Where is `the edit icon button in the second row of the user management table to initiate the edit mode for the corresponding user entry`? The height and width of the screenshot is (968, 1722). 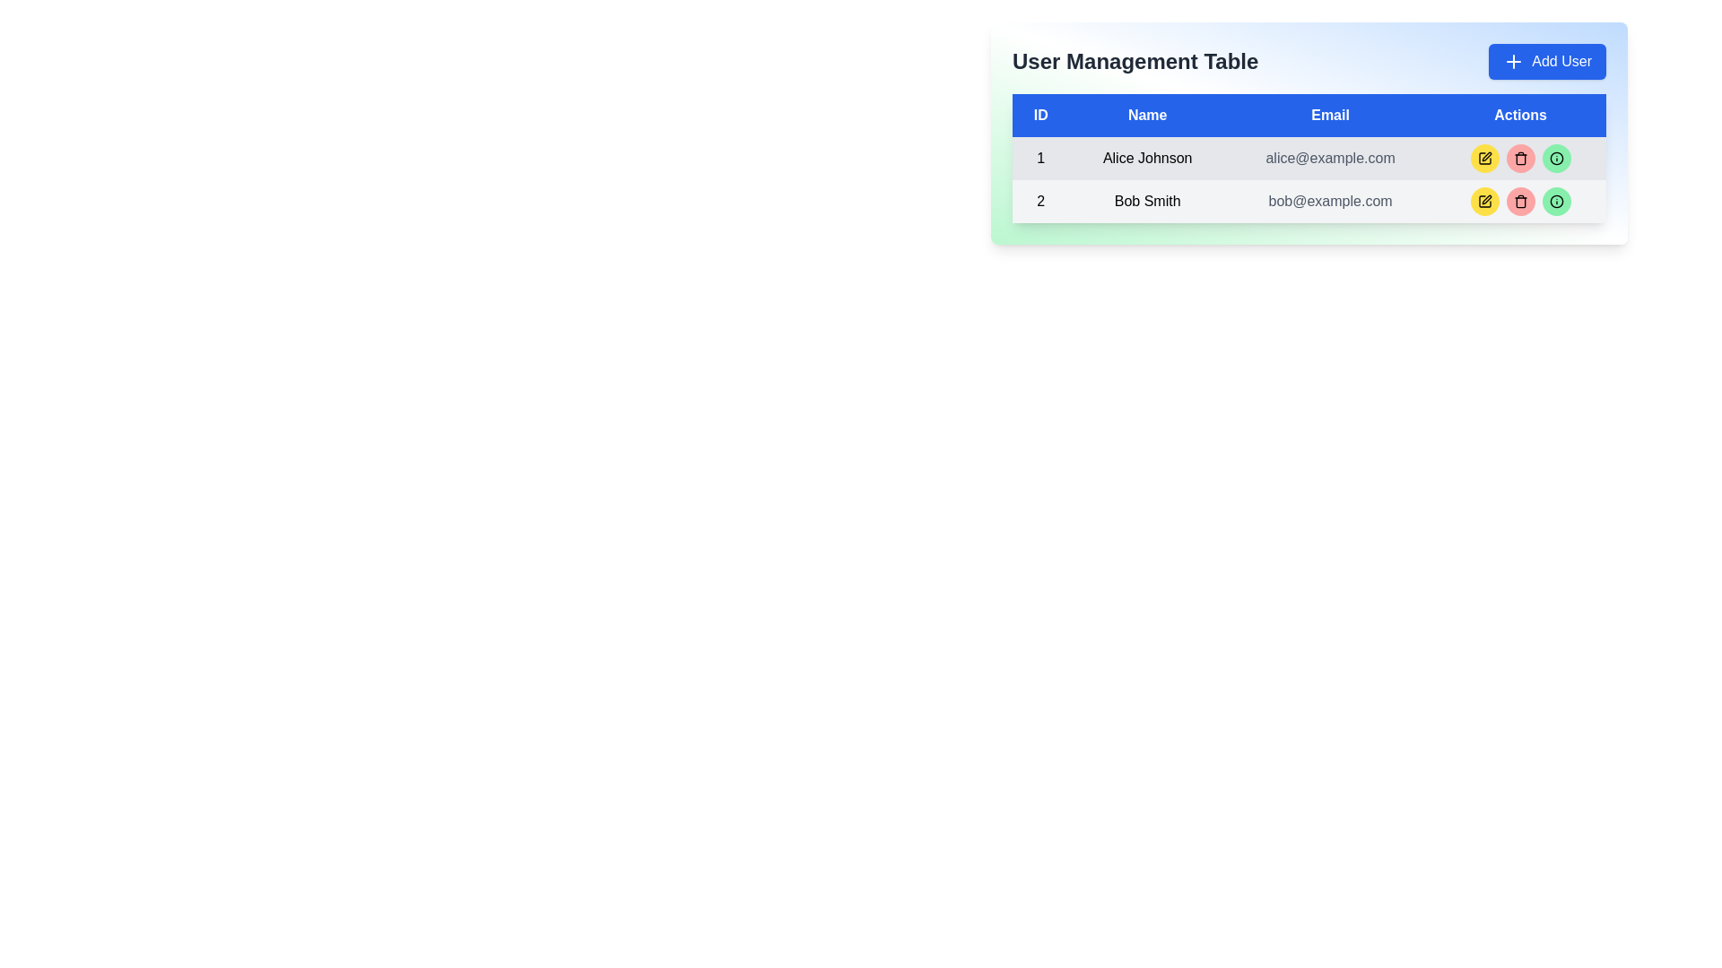 the edit icon button in the second row of the user management table to initiate the edit mode for the corresponding user entry is located at coordinates (1485, 155).